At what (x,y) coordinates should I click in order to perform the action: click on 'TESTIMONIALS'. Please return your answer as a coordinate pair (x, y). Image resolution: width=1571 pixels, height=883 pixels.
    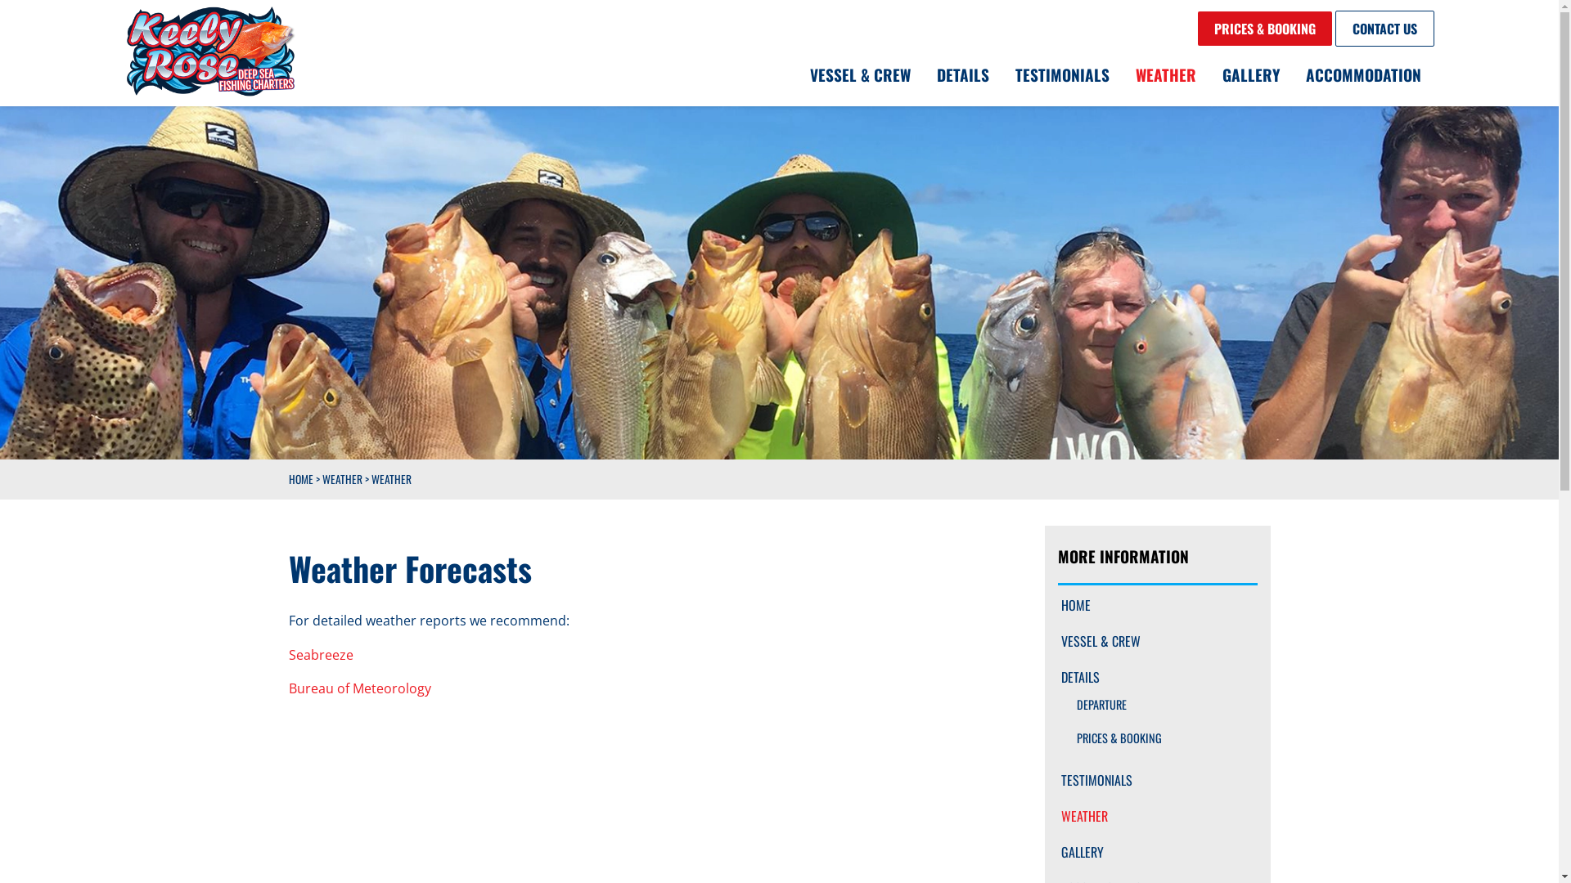
    Looking at the image, I should click on (1156, 778).